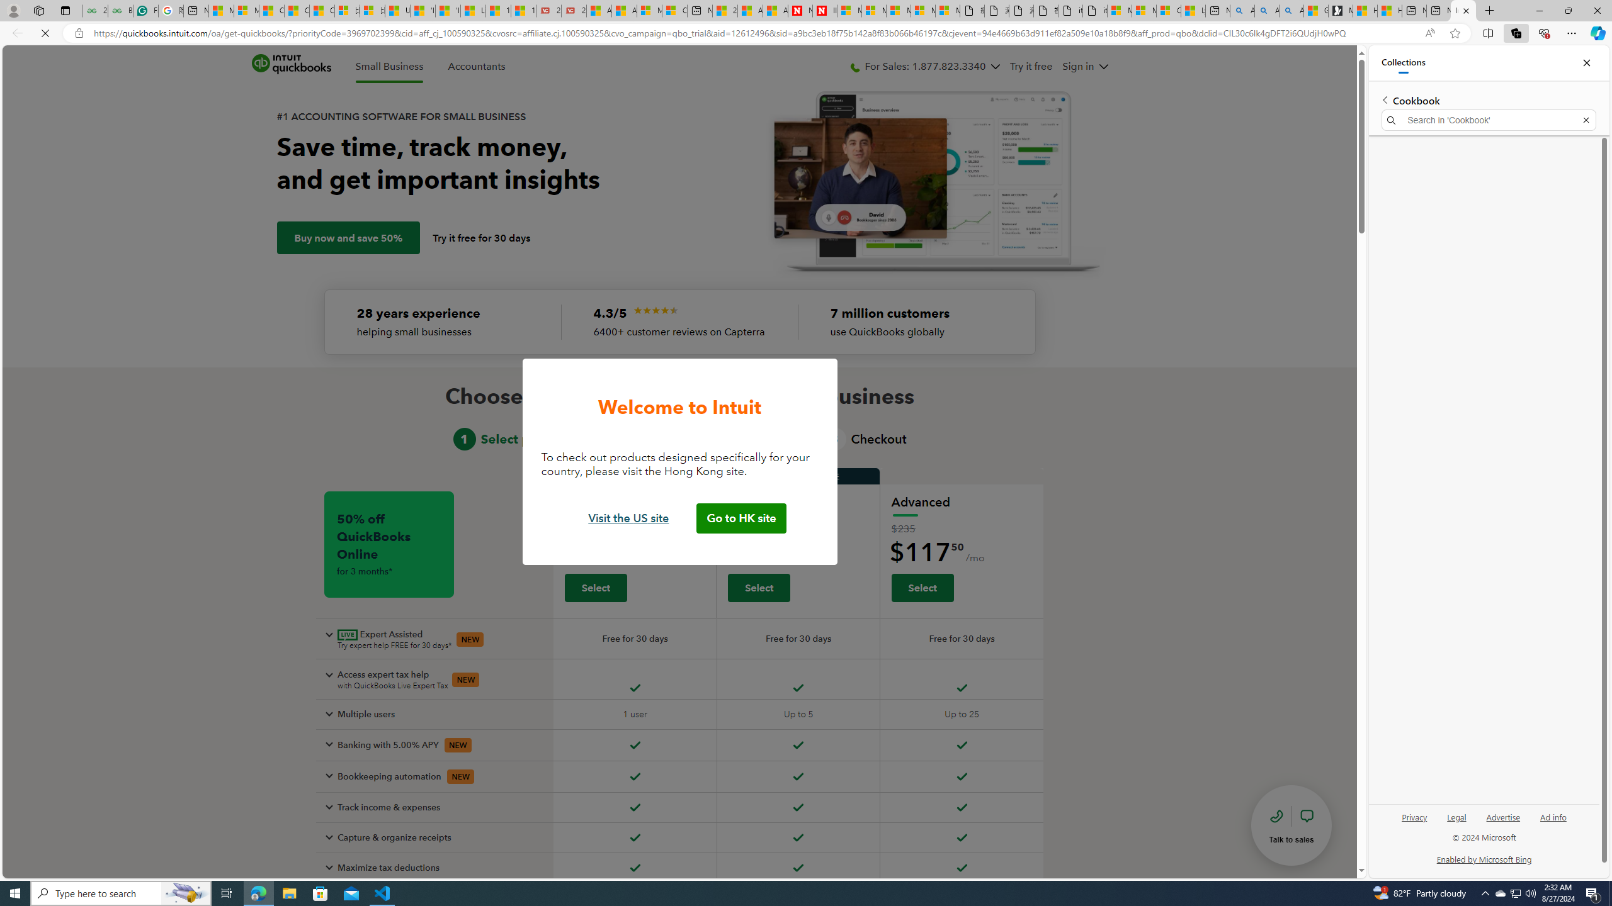 The image size is (1612, 906). Describe the element at coordinates (1030, 67) in the screenshot. I see `'Try it free'` at that location.